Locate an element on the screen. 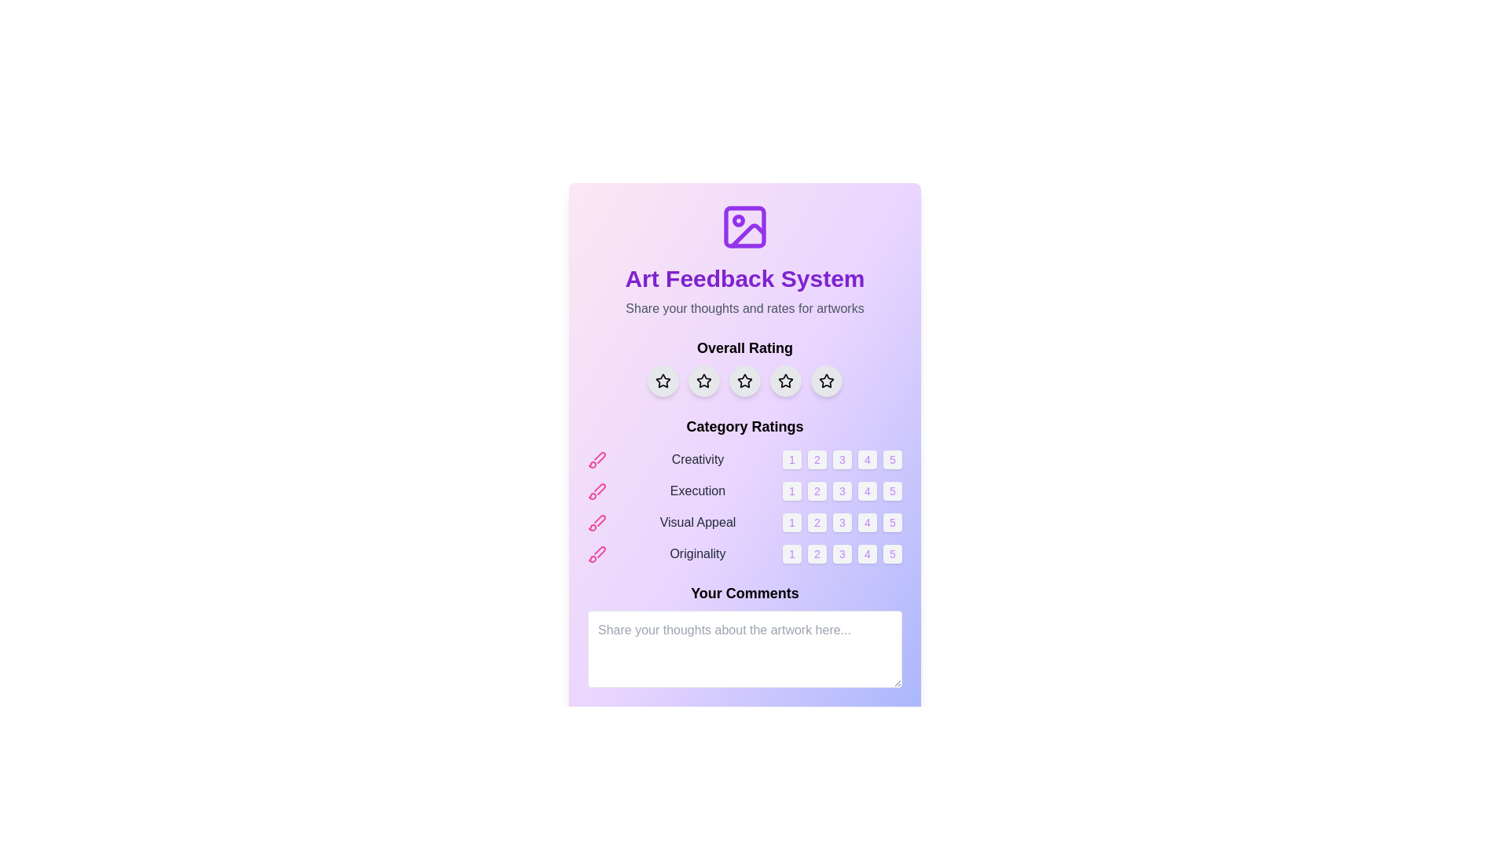 The image size is (1509, 849). the fourth button in the five-point rating scale located below the 'Overall Rating' heading is located at coordinates (785, 381).